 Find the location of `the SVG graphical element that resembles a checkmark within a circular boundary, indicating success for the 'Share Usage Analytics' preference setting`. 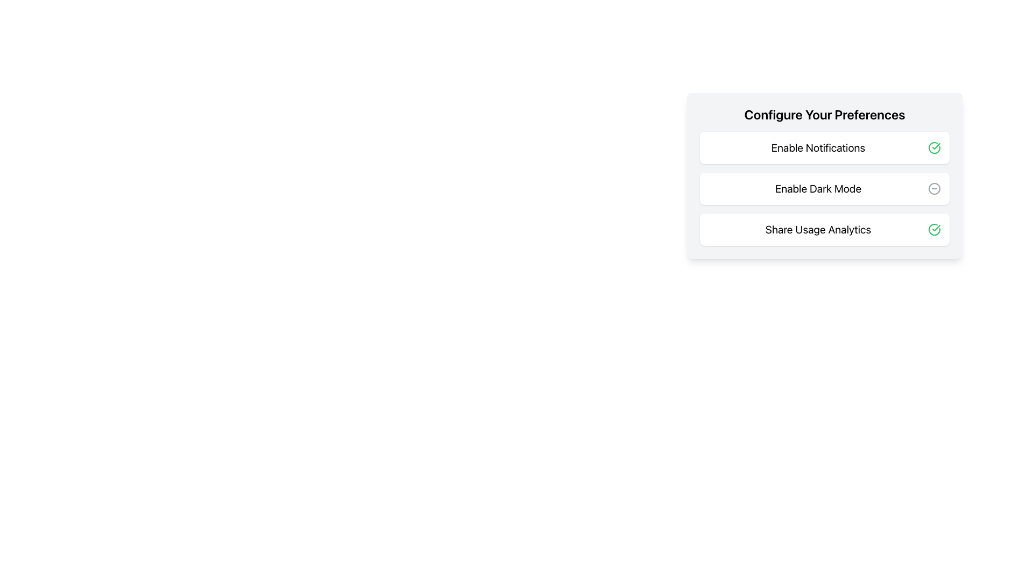

the SVG graphical element that resembles a checkmark within a circular boundary, indicating success for the 'Share Usage Analytics' preference setting is located at coordinates (936, 146).